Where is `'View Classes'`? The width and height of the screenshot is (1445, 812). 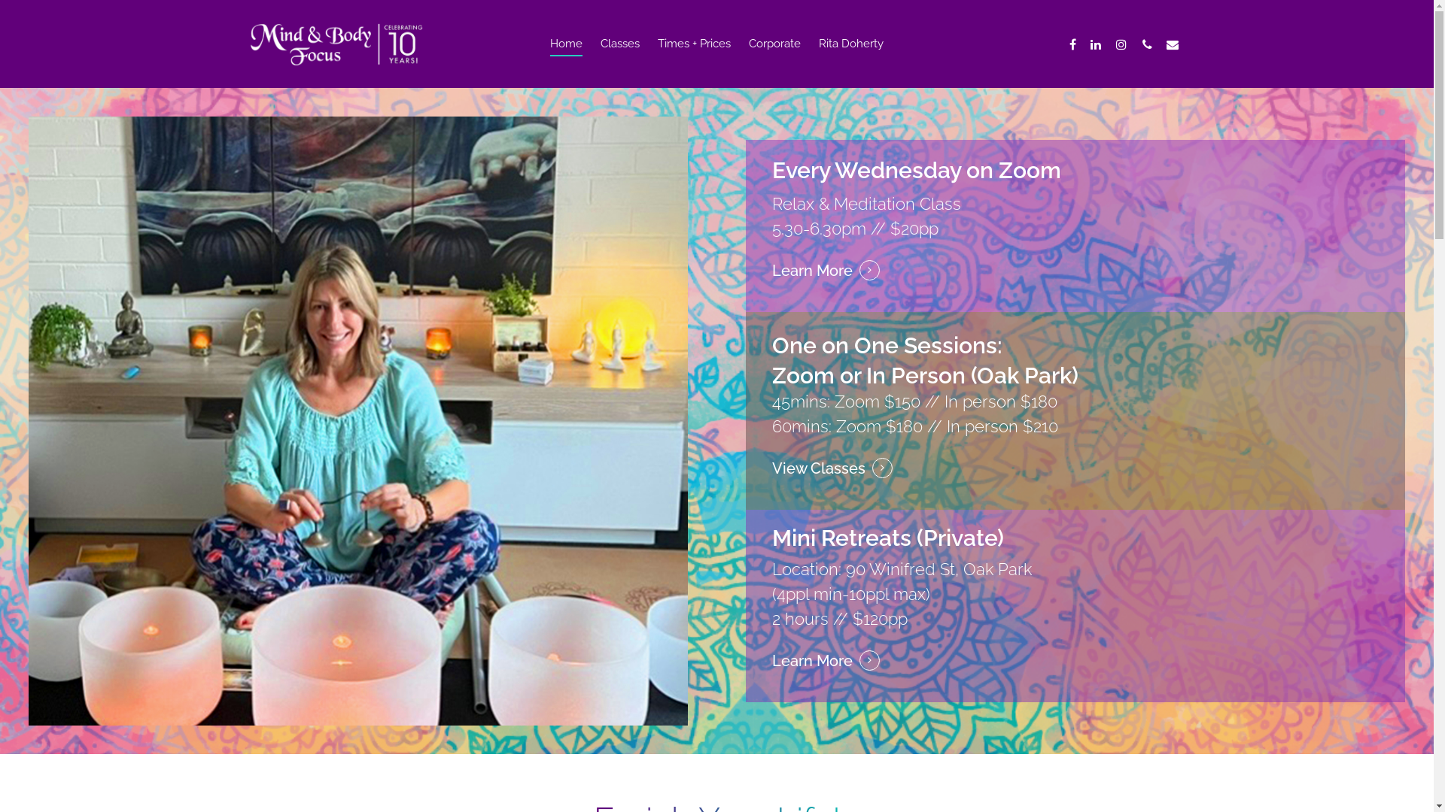 'View Classes' is located at coordinates (831, 468).